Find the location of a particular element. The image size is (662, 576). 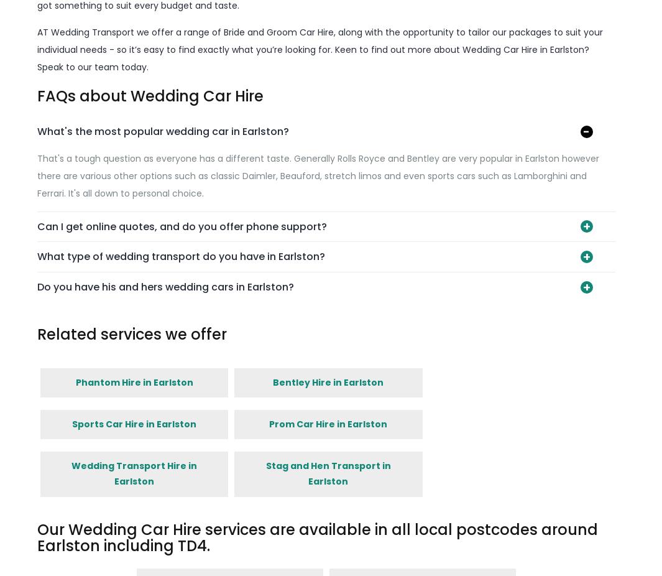

'Sports Car Hire in Earlston' is located at coordinates (133, 422).